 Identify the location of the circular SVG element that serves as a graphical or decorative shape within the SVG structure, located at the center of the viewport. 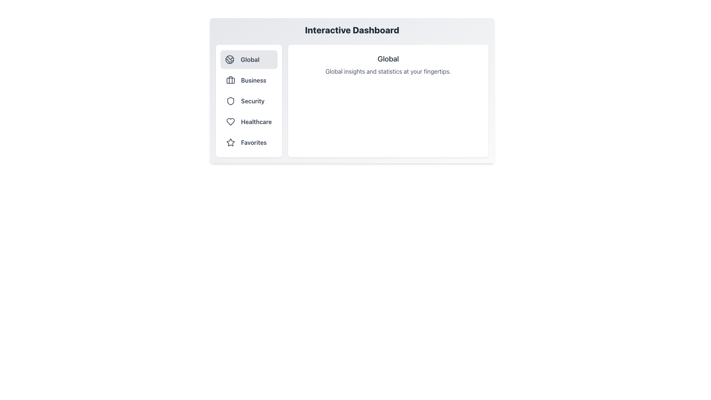
(229, 59).